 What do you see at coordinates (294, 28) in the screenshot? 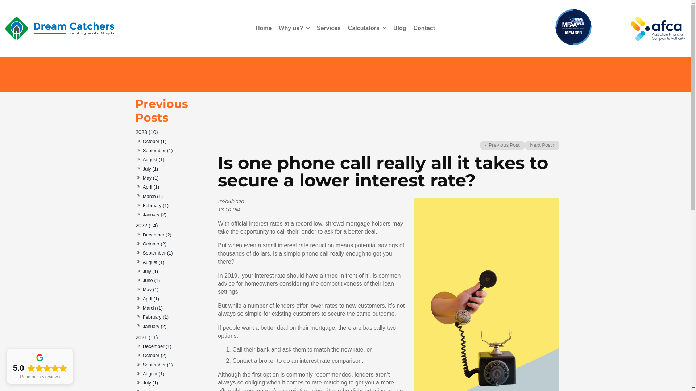
I see `'Why us?'` at bounding box center [294, 28].